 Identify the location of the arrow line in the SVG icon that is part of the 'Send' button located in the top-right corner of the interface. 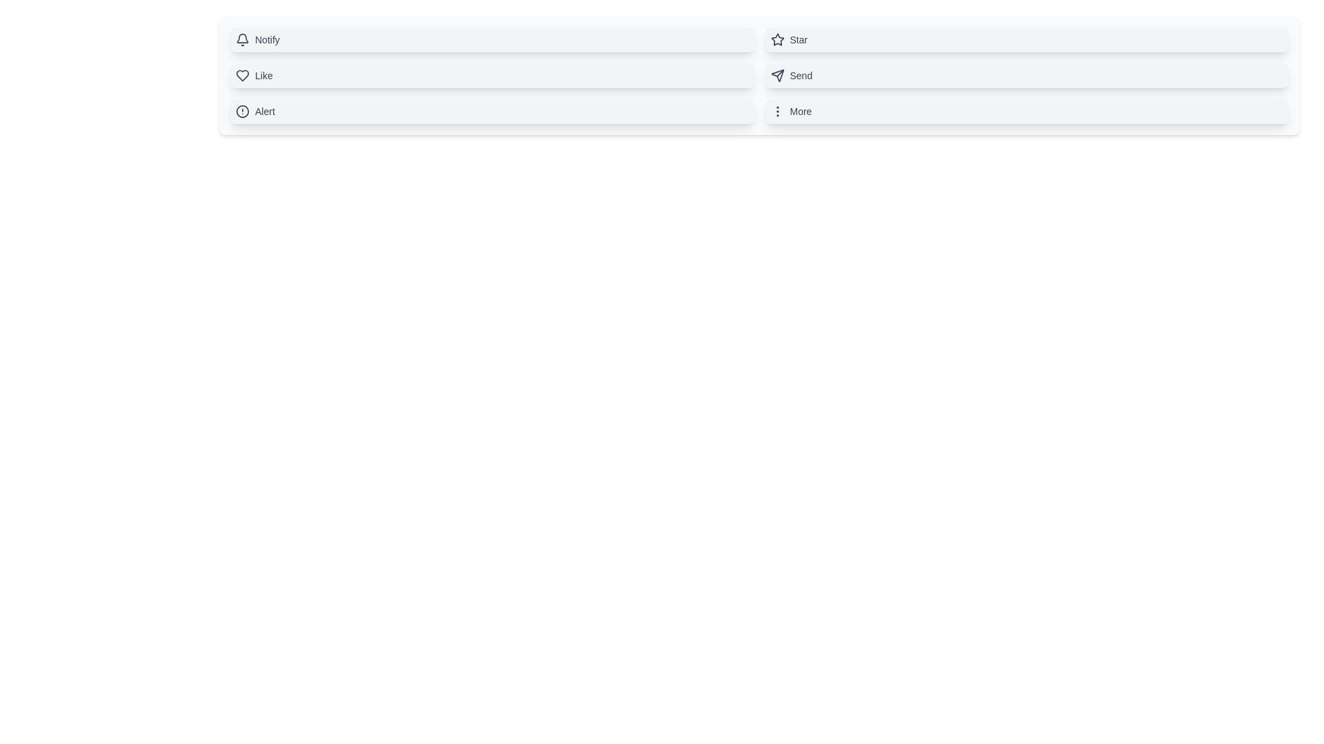
(780, 73).